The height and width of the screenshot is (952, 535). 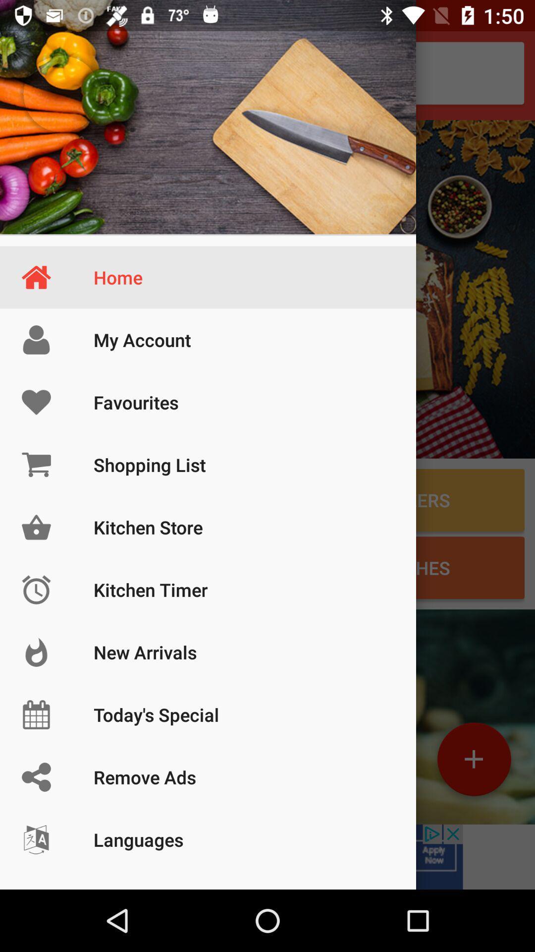 What do you see at coordinates (208, 117) in the screenshot?
I see `the icon and the text home` at bounding box center [208, 117].